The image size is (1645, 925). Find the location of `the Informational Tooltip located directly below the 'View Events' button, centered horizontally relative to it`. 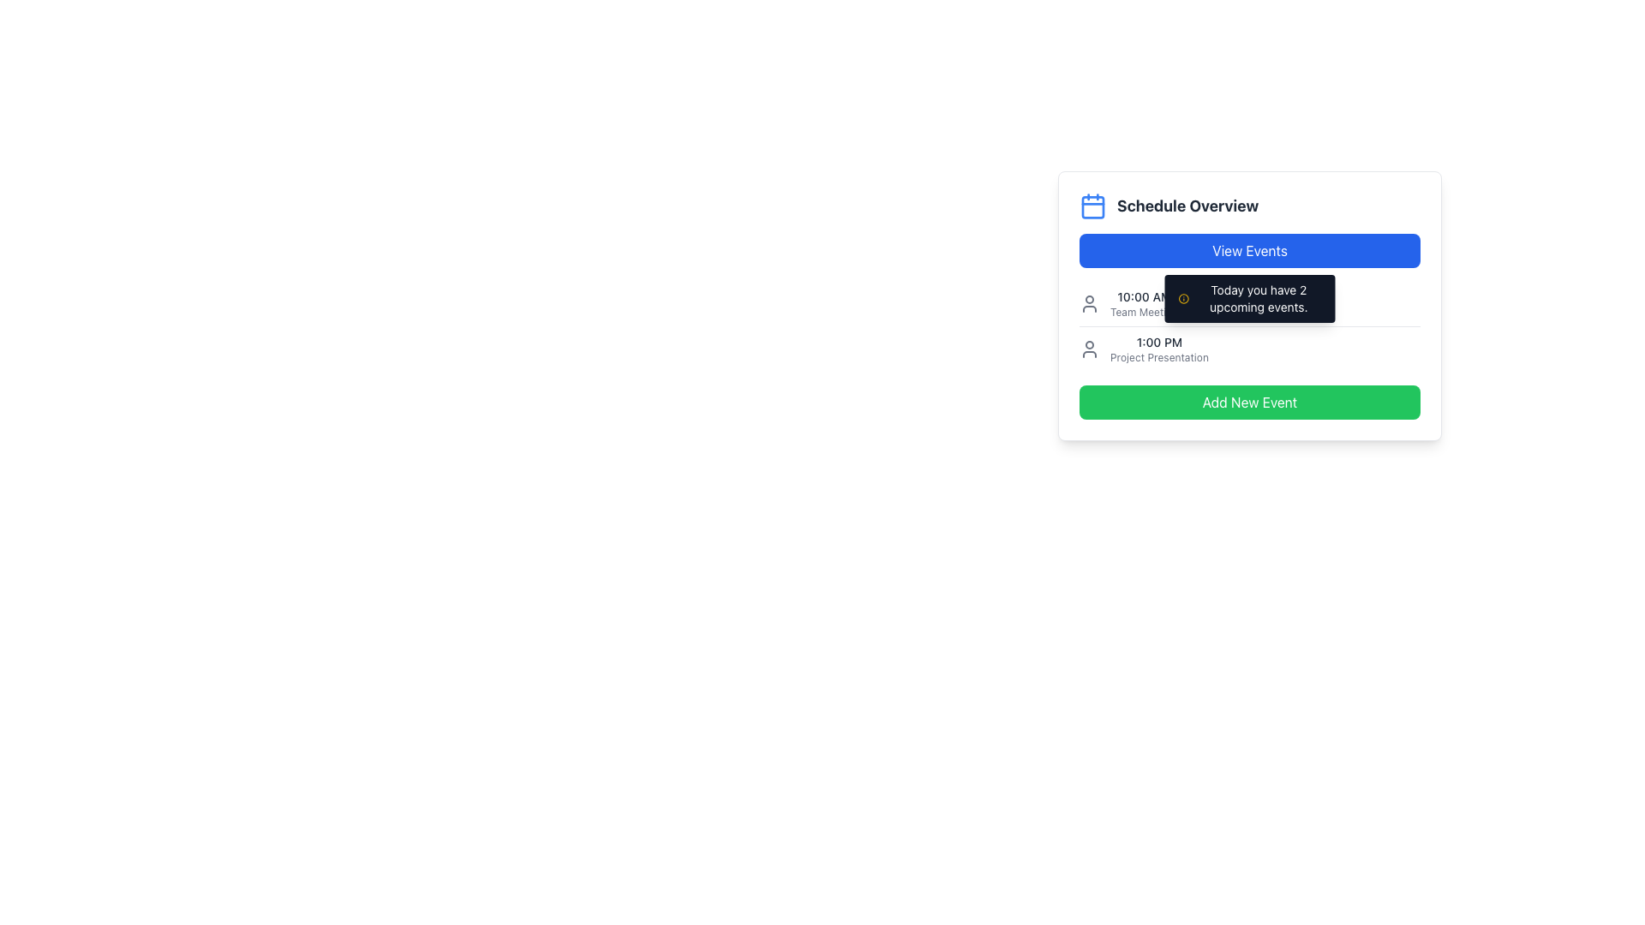

the Informational Tooltip located directly below the 'View Events' button, centered horizontally relative to it is located at coordinates (1250, 297).